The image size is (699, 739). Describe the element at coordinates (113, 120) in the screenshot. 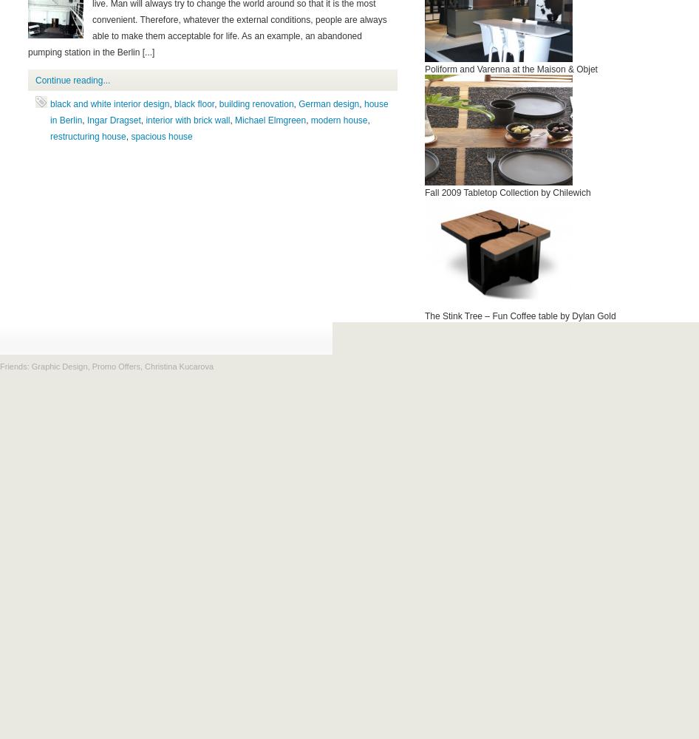

I see `'Ingar Dragset'` at that location.